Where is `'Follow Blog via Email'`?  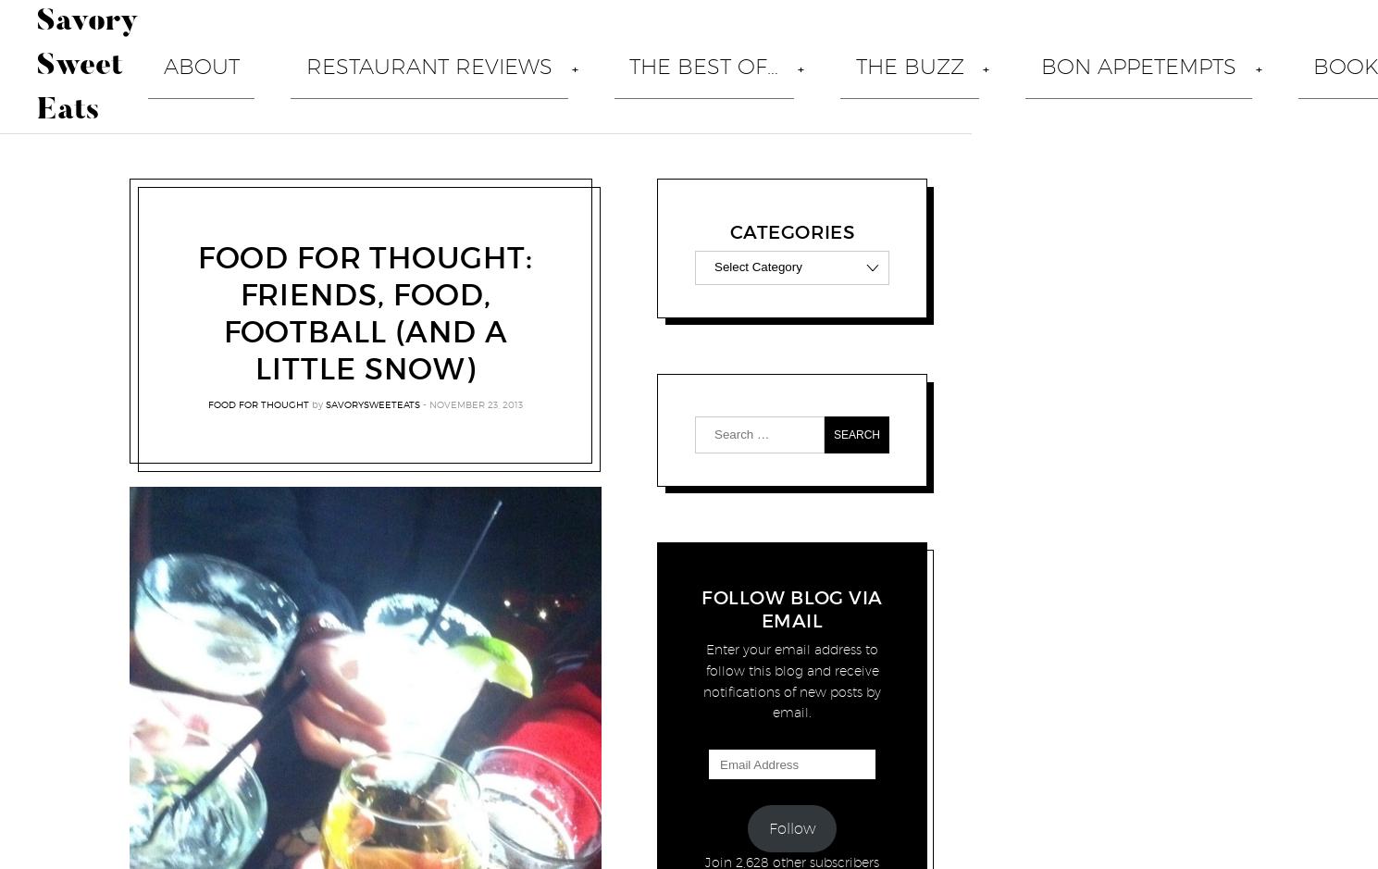
'Follow Blog via Email' is located at coordinates (701, 609).